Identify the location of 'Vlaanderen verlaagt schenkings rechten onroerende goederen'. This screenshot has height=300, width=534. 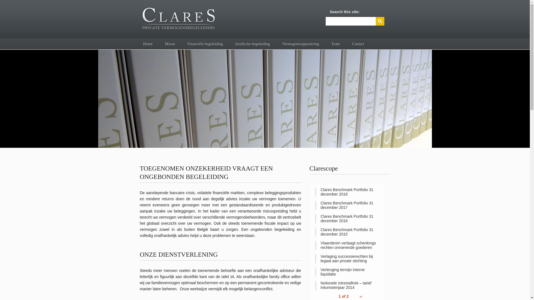
(347, 245).